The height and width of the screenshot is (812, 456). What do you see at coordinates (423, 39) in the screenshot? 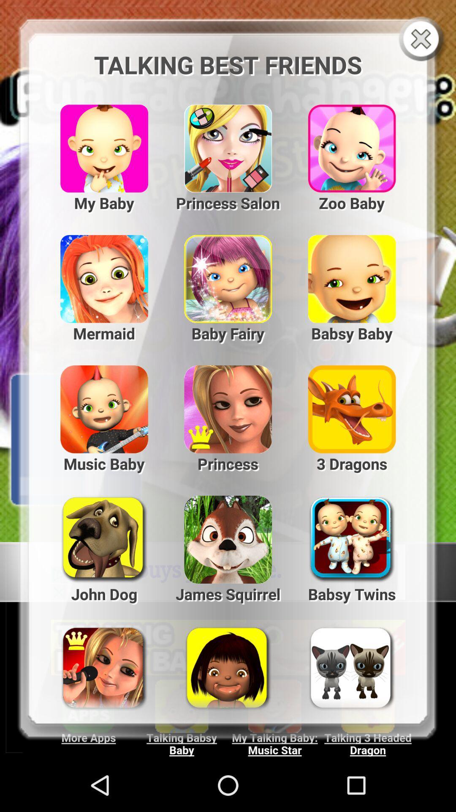
I see `go close` at bounding box center [423, 39].